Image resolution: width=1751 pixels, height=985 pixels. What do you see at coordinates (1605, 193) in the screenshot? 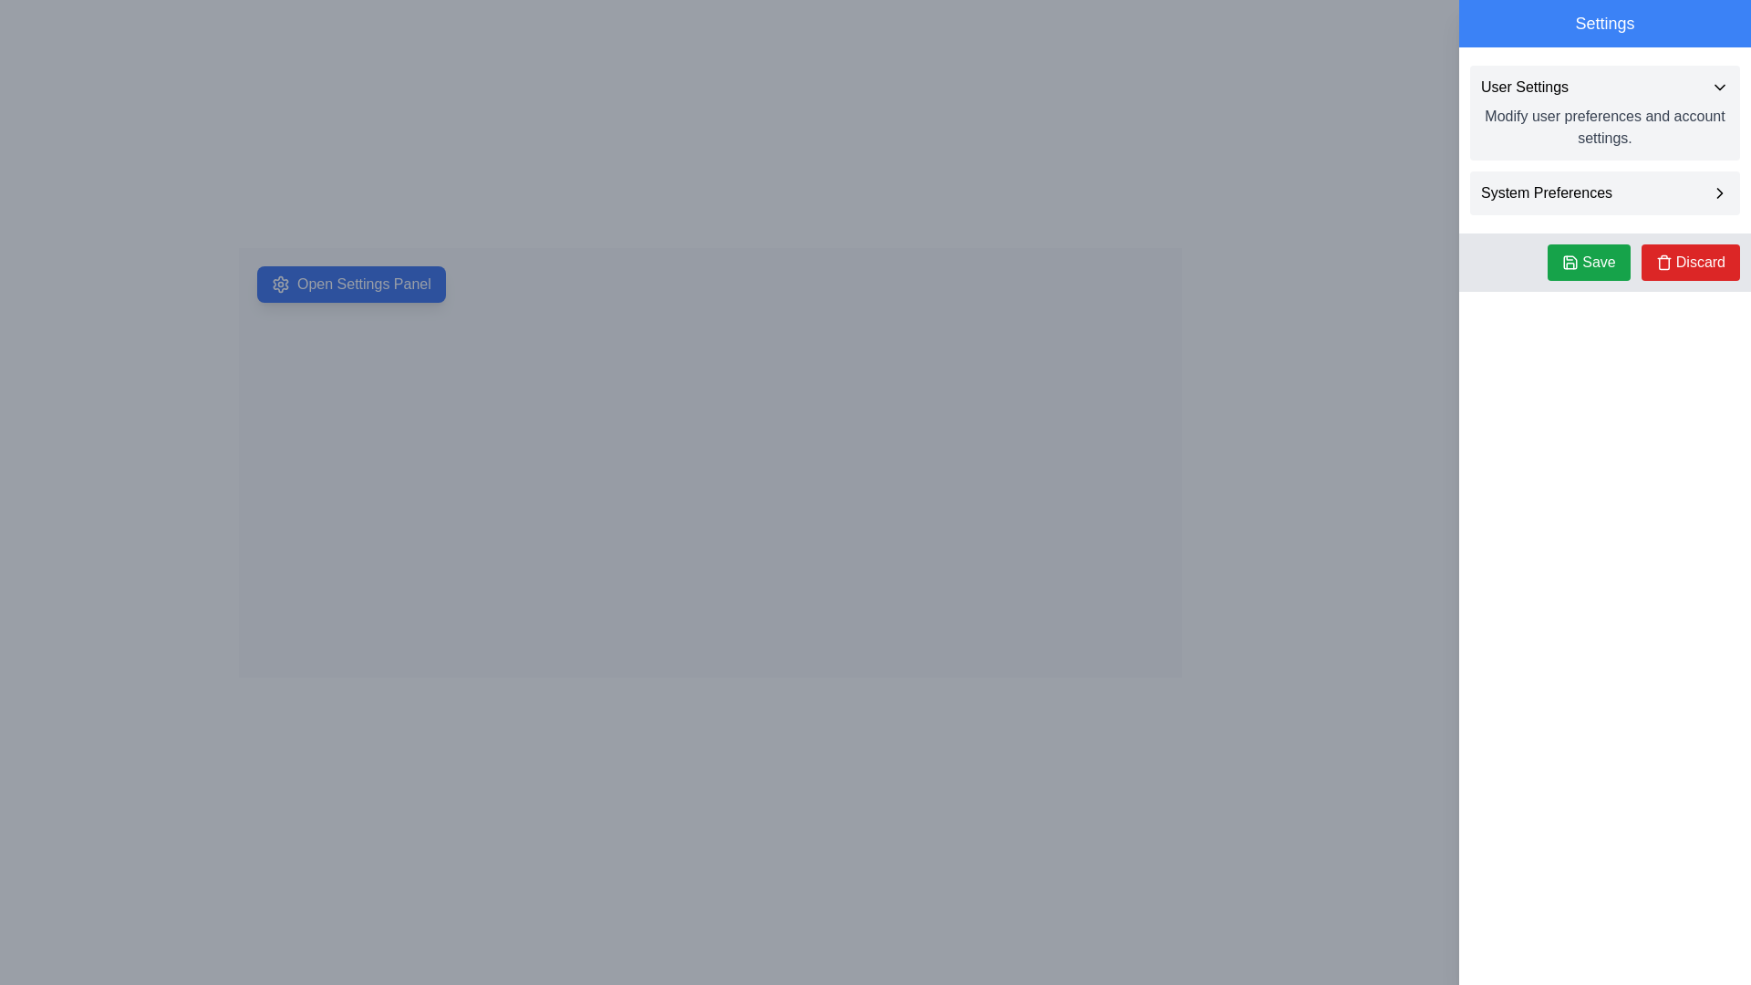
I see `the 'System Preferences' interactive text element in the settings panel` at bounding box center [1605, 193].